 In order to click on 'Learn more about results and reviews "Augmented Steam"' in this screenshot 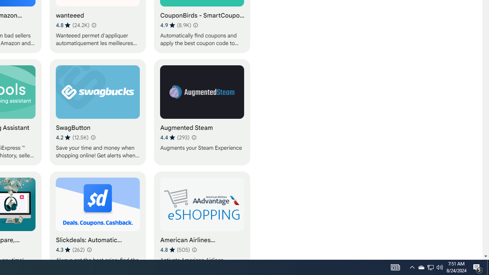, I will do `click(193, 137)`.